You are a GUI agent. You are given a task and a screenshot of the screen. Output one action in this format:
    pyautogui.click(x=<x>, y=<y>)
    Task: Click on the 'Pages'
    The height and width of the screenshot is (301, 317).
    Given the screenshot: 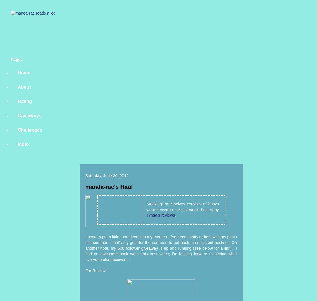 What is the action you would take?
    pyautogui.click(x=16, y=59)
    